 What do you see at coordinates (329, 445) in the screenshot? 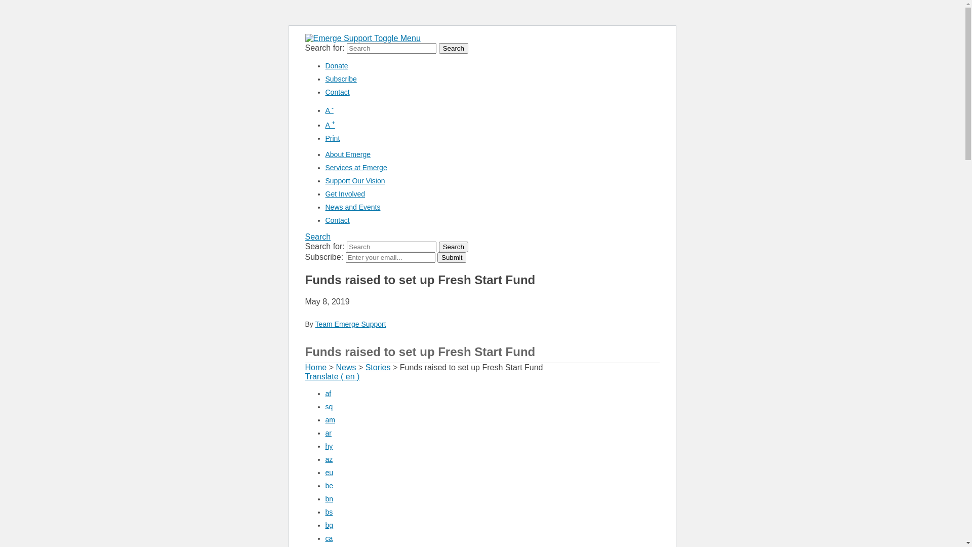
I see `'hy'` at bounding box center [329, 445].